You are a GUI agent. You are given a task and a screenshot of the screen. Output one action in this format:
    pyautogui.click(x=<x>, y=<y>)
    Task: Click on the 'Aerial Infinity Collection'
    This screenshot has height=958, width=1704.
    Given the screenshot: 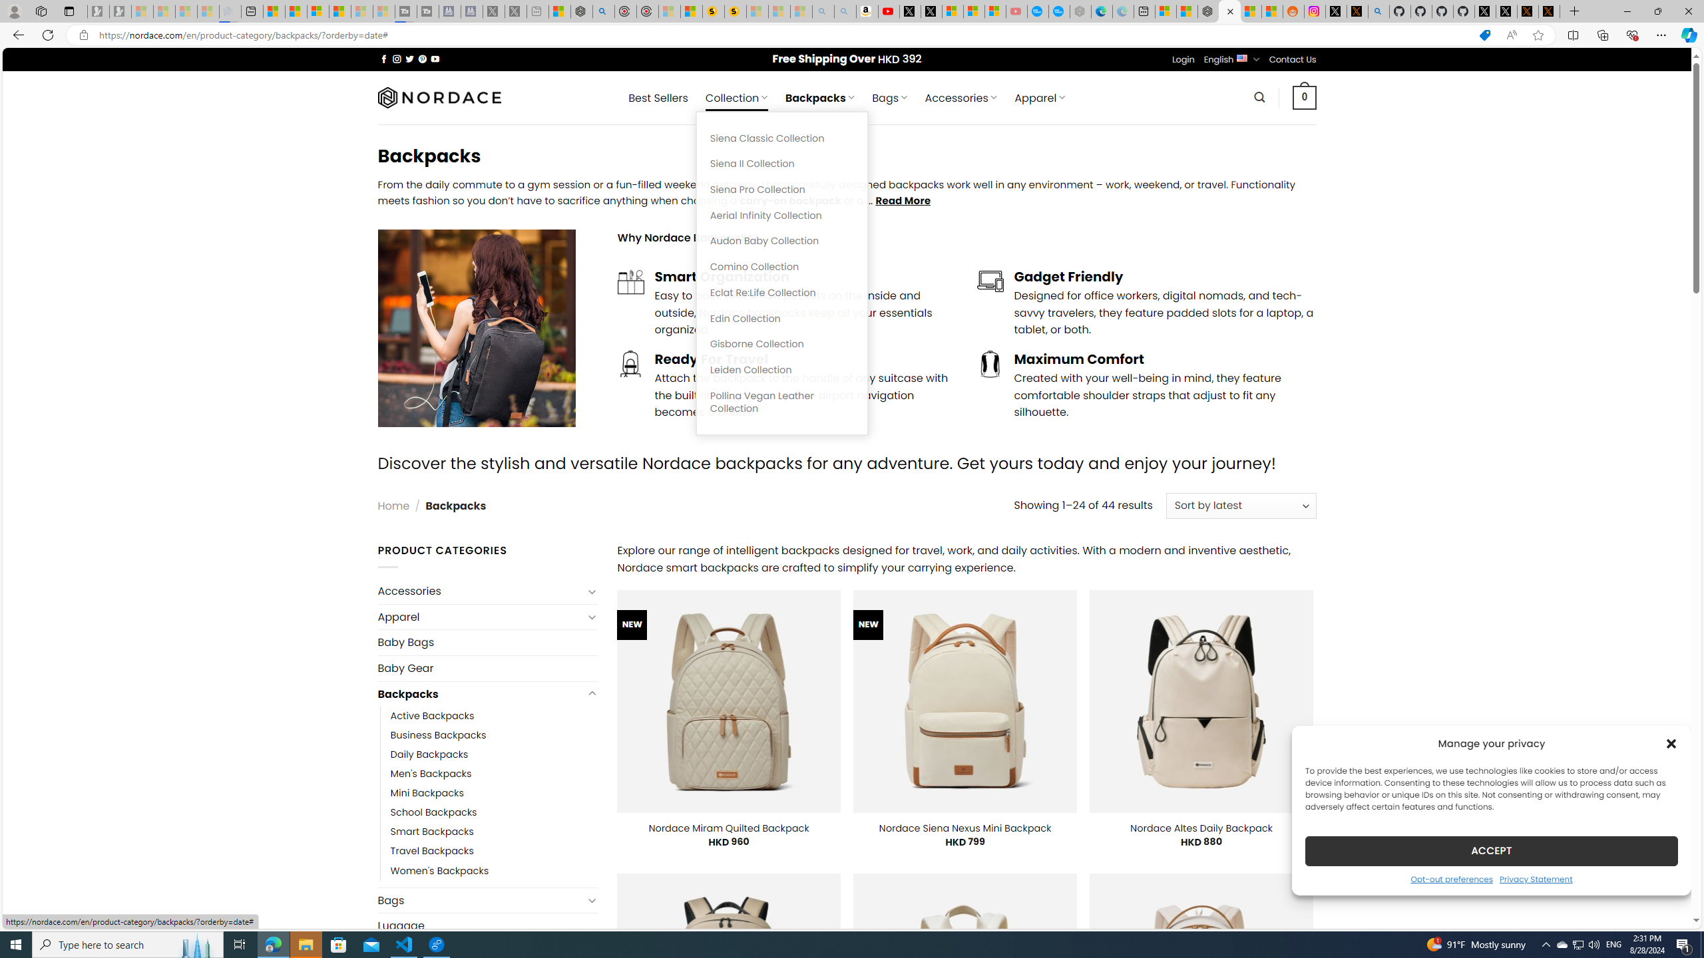 What is the action you would take?
    pyautogui.click(x=781, y=215)
    